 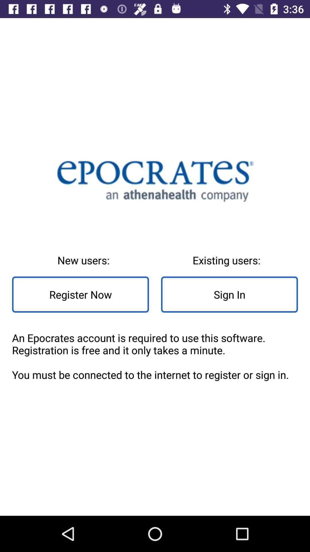 I want to click on sign in, so click(x=229, y=294).